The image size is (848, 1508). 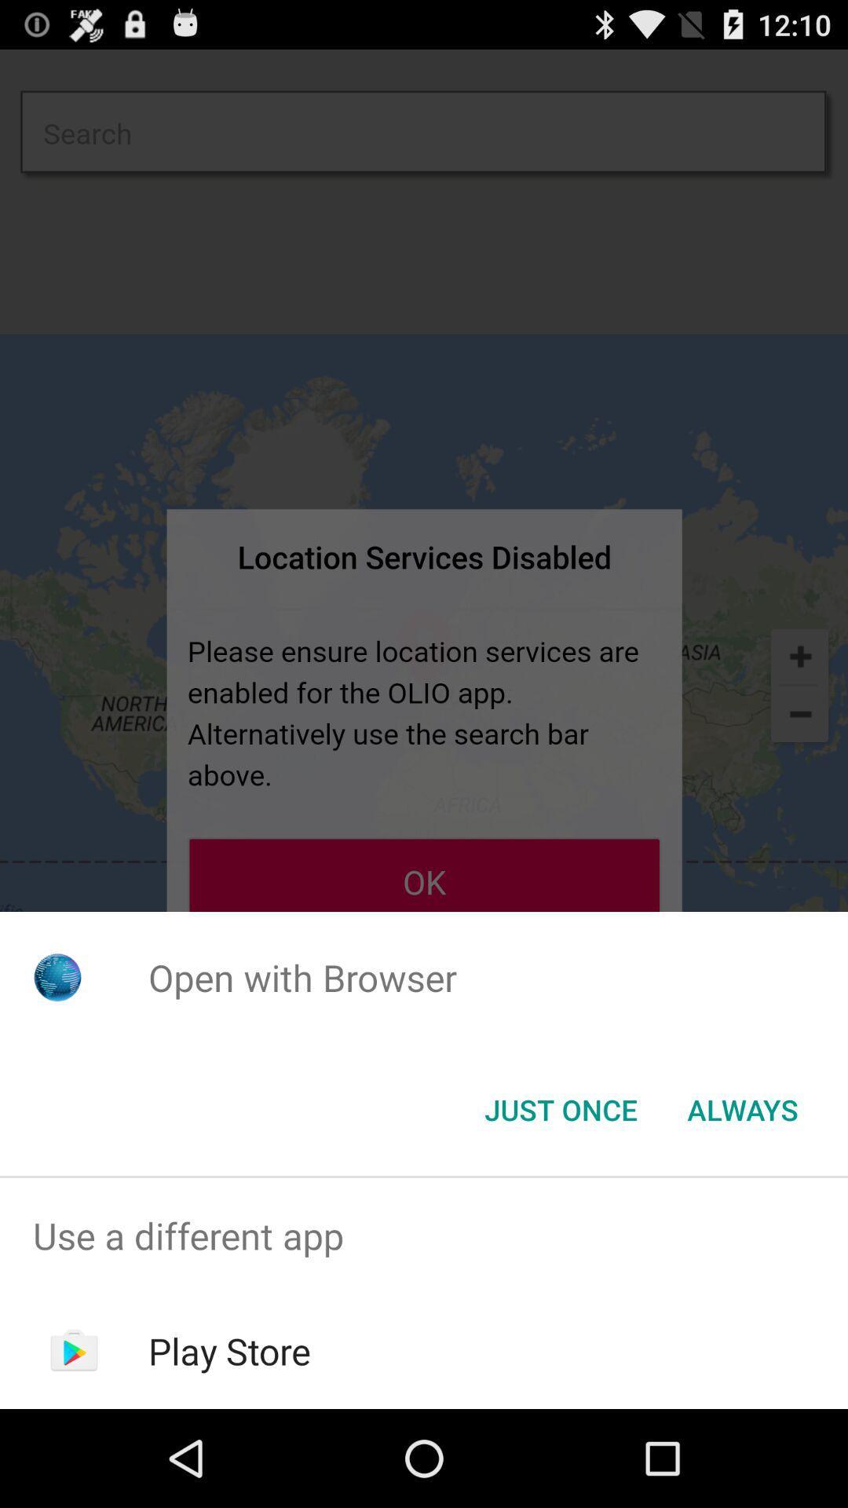 I want to click on play store, so click(x=229, y=1350).